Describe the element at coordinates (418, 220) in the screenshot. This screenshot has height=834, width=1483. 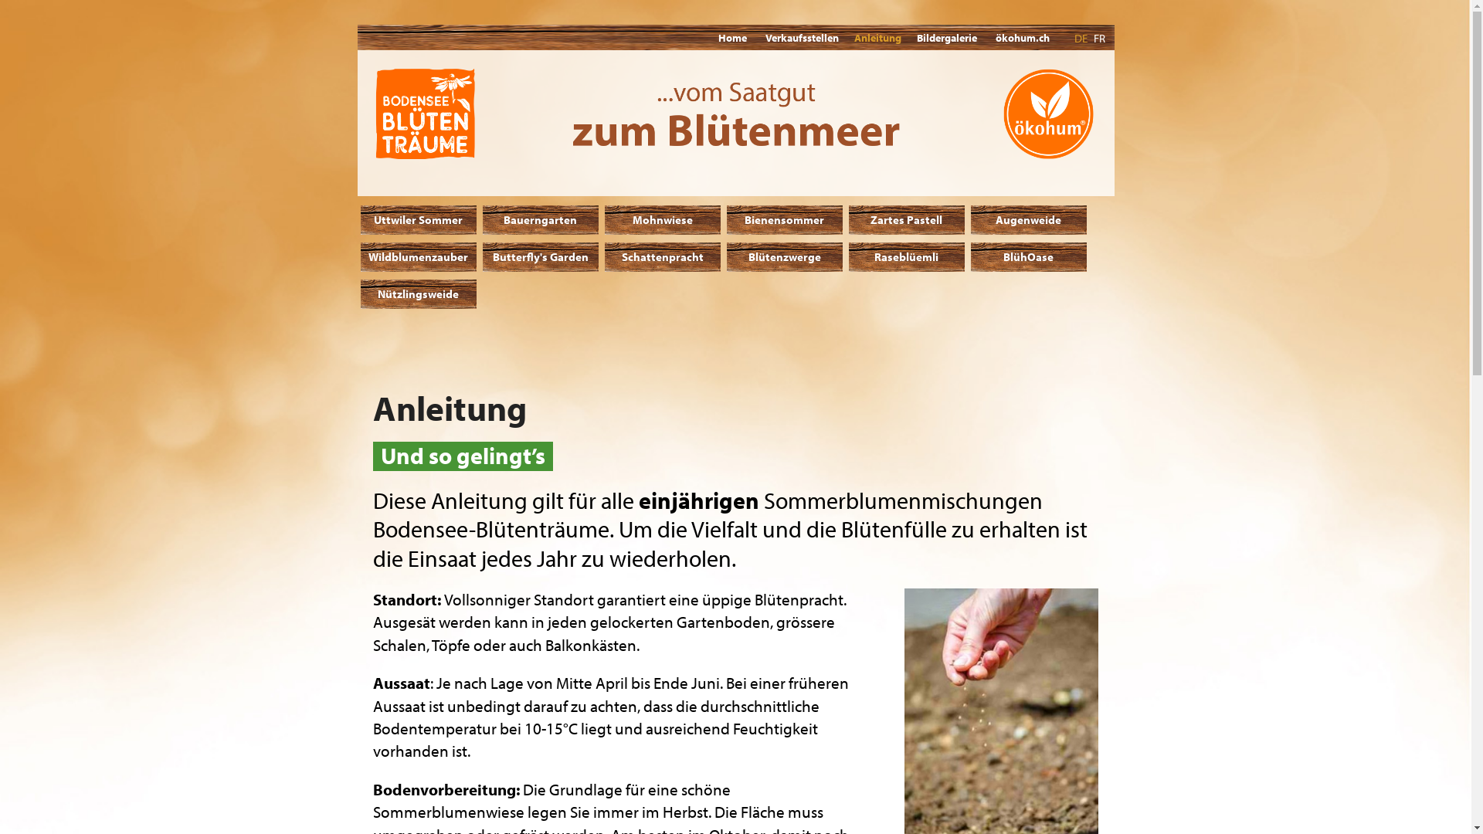
I see `'Uttwiler Sommer'` at that location.